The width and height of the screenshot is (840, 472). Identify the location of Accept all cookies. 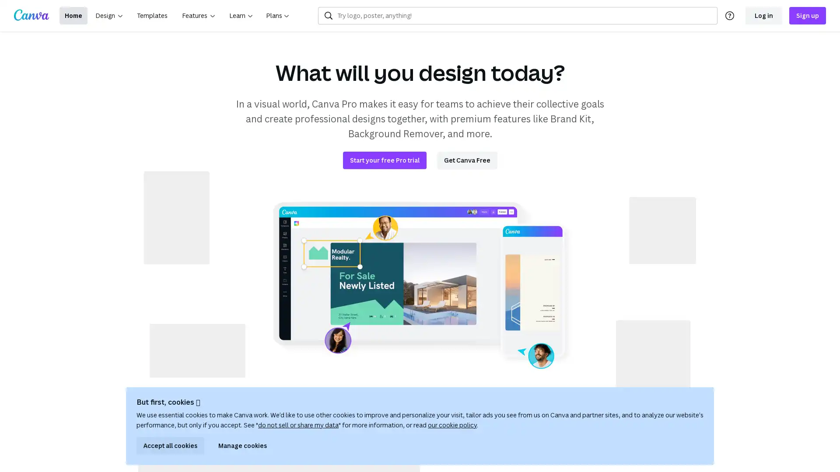
(170, 445).